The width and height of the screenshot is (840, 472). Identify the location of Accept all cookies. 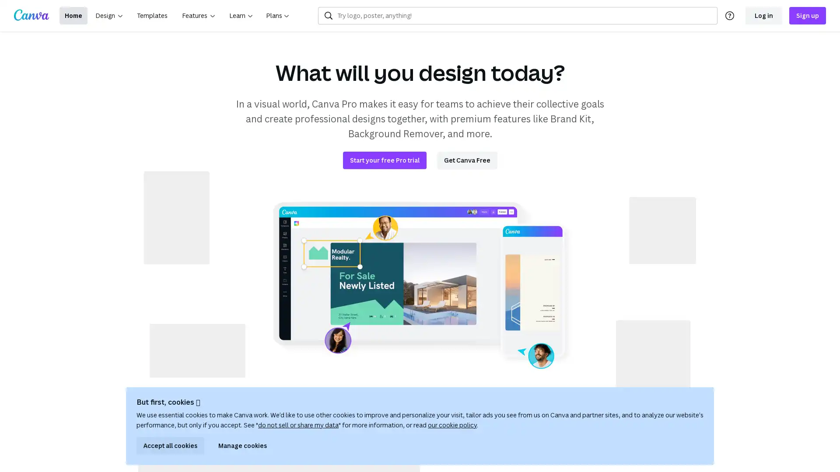
(170, 445).